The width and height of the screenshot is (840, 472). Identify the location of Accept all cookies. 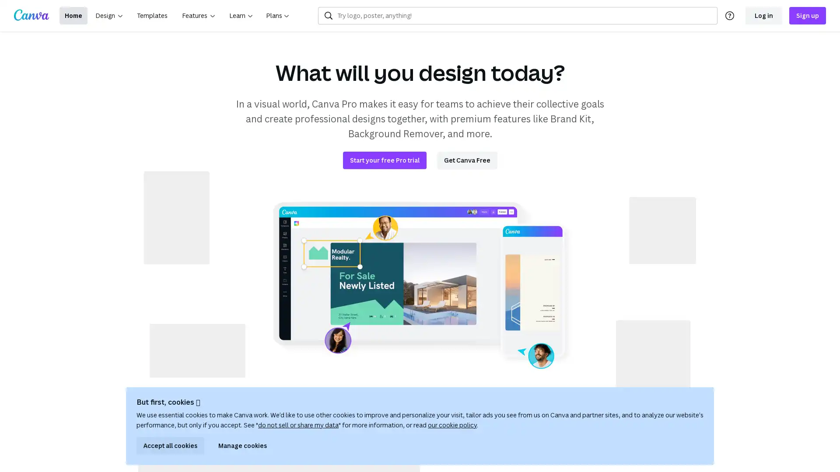
(170, 445).